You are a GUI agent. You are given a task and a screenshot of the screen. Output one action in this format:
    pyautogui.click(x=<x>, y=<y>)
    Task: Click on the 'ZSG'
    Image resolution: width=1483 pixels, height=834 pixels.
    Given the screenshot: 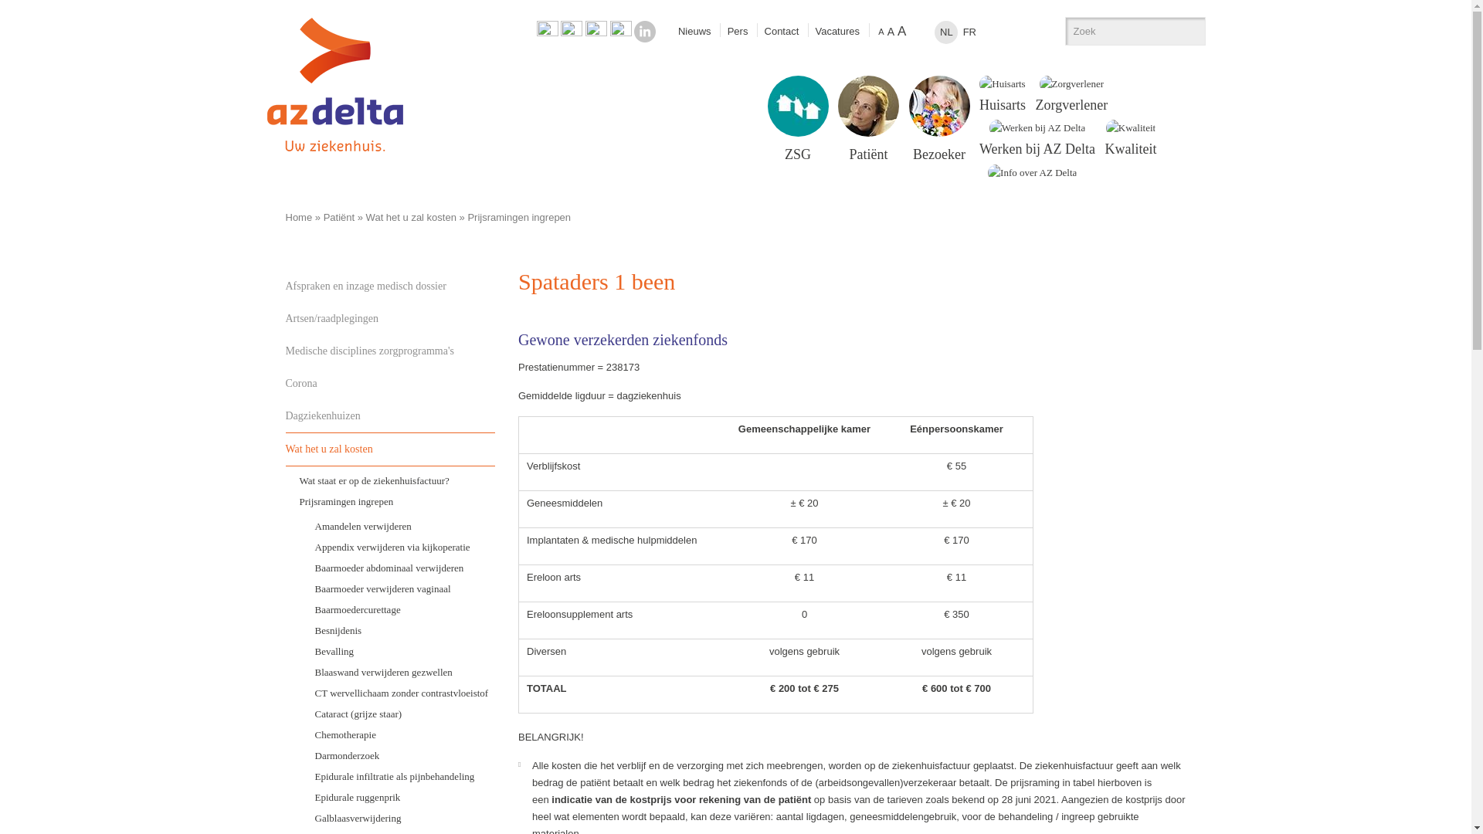 What is the action you would take?
    pyautogui.click(x=797, y=118)
    